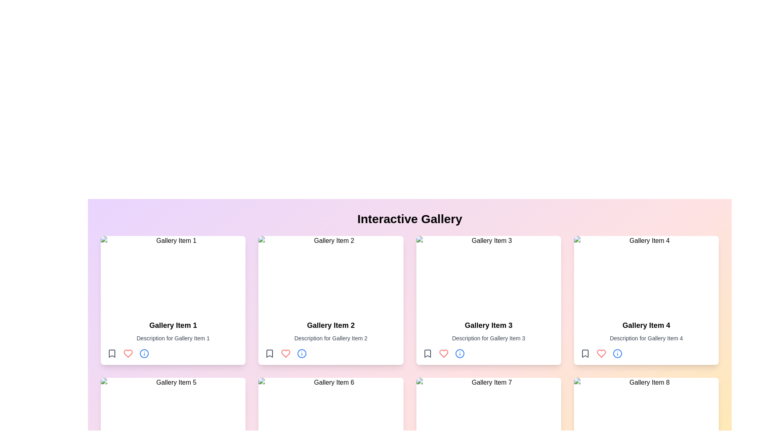 The height and width of the screenshot is (435, 774). Describe the element at coordinates (460, 353) in the screenshot. I see `the circular blue outlined icon with a small dot inside, located in the bottom-right corner of the 'Gallery Item 3' card` at that location.